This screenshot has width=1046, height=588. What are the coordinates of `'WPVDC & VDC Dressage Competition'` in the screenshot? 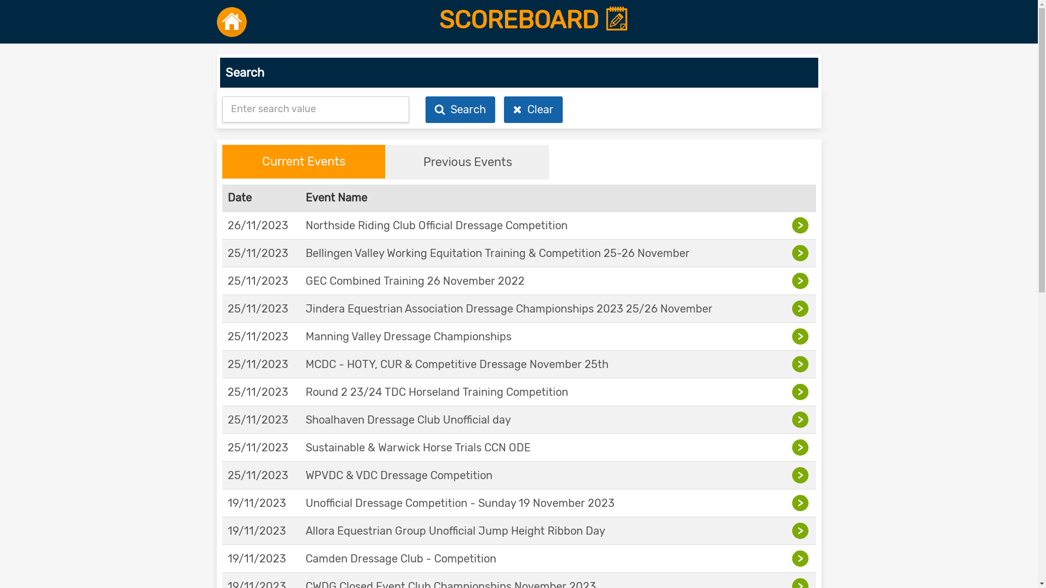 It's located at (398, 474).